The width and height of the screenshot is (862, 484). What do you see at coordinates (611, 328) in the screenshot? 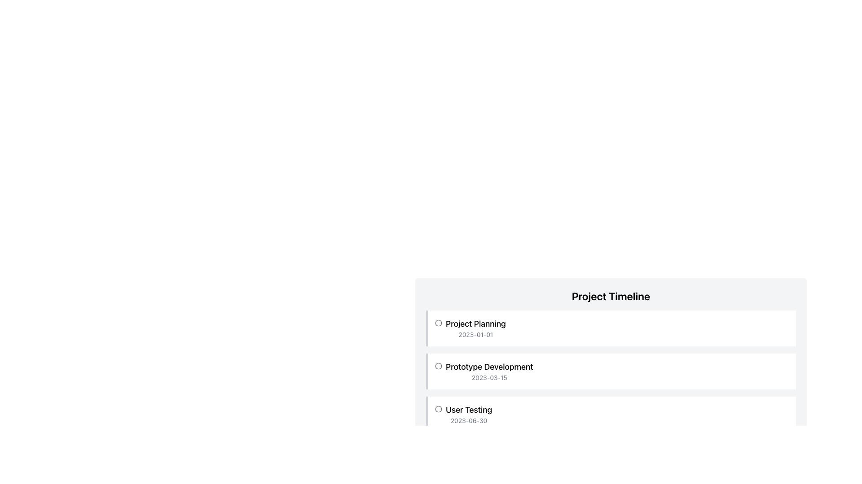
I see `the first item in the project timeline list` at bounding box center [611, 328].